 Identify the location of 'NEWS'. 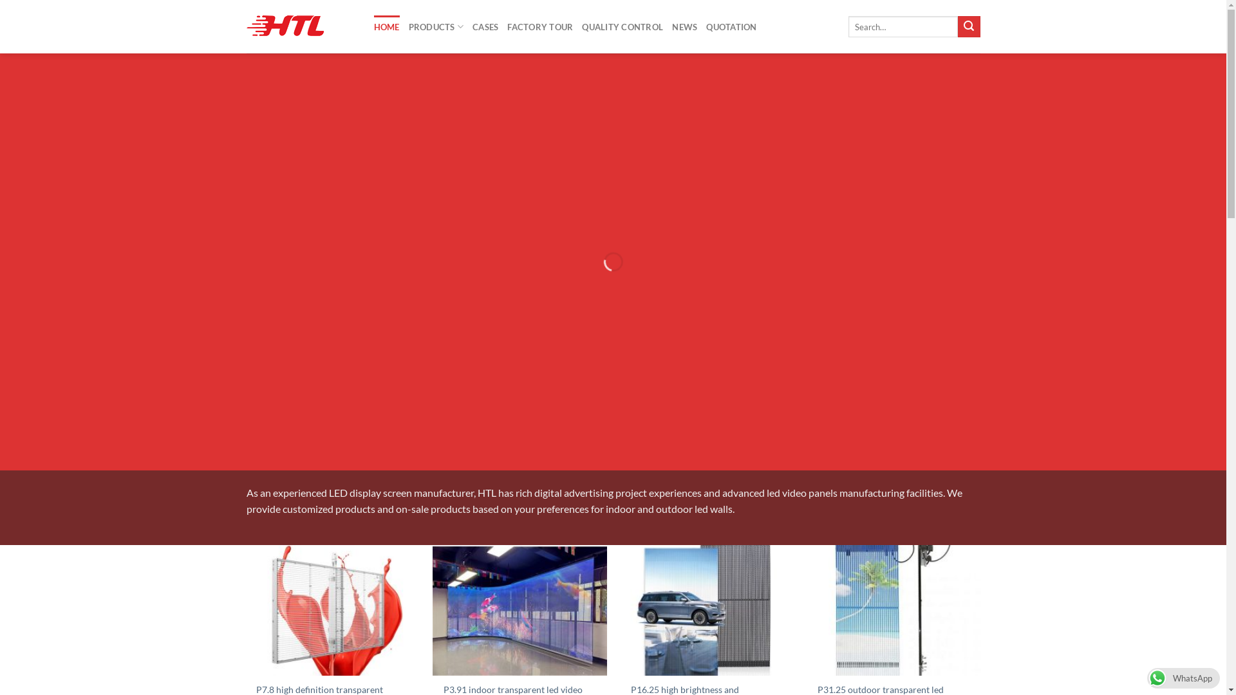
(684, 27).